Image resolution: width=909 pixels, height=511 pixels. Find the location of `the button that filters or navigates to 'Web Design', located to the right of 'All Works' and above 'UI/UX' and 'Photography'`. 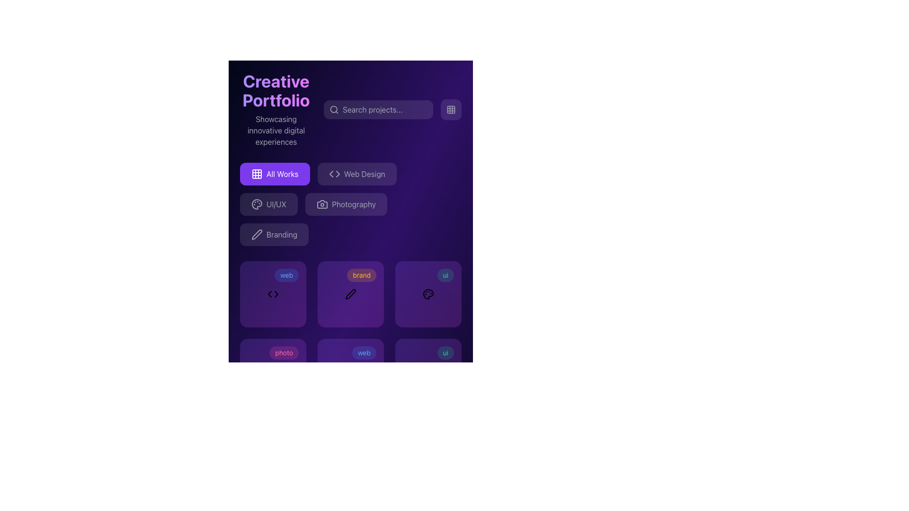

the button that filters or navigates to 'Web Design', located to the right of 'All Works' and above 'UI/UX' and 'Photography' is located at coordinates (356, 174).